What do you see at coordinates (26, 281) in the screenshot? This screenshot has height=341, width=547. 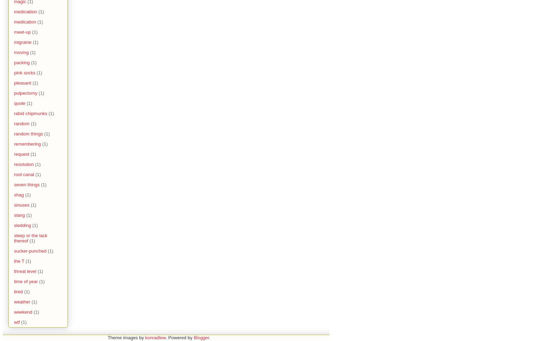 I see `'time of year'` at bounding box center [26, 281].